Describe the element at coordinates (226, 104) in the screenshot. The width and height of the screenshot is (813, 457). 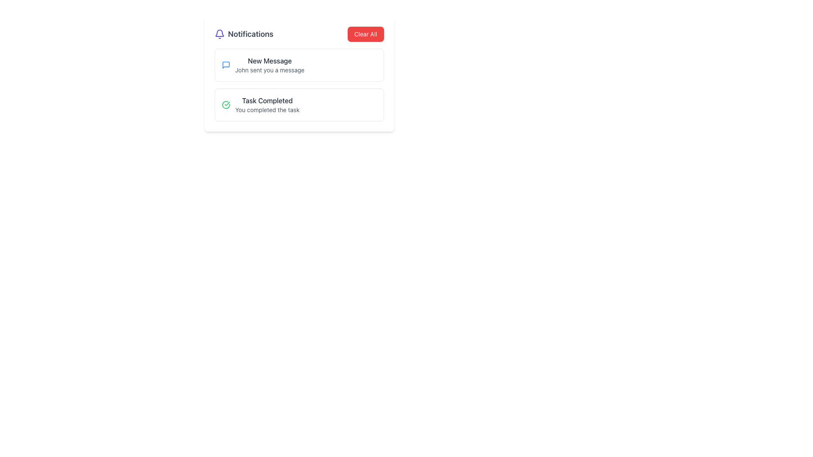
I see `the circular green outlined icon with a checkmark inside, located in the second notification card to the left of the text 'Task Completed'` at that location.